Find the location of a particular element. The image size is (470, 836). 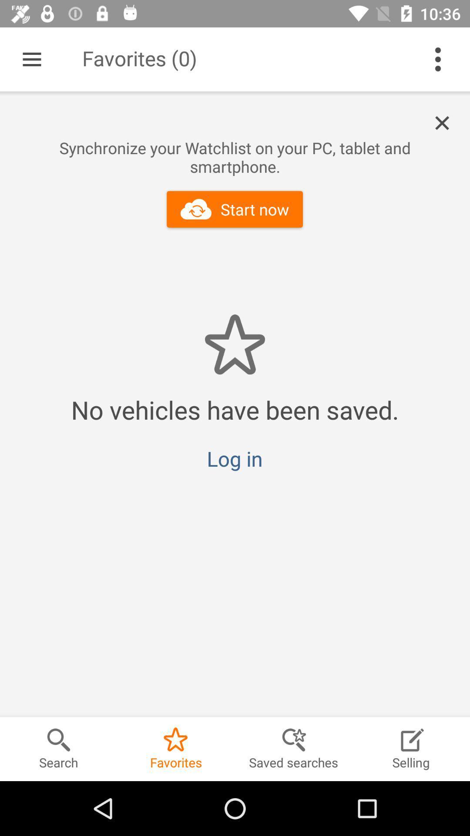

the item above favorites is located at coordinates (234, 458).